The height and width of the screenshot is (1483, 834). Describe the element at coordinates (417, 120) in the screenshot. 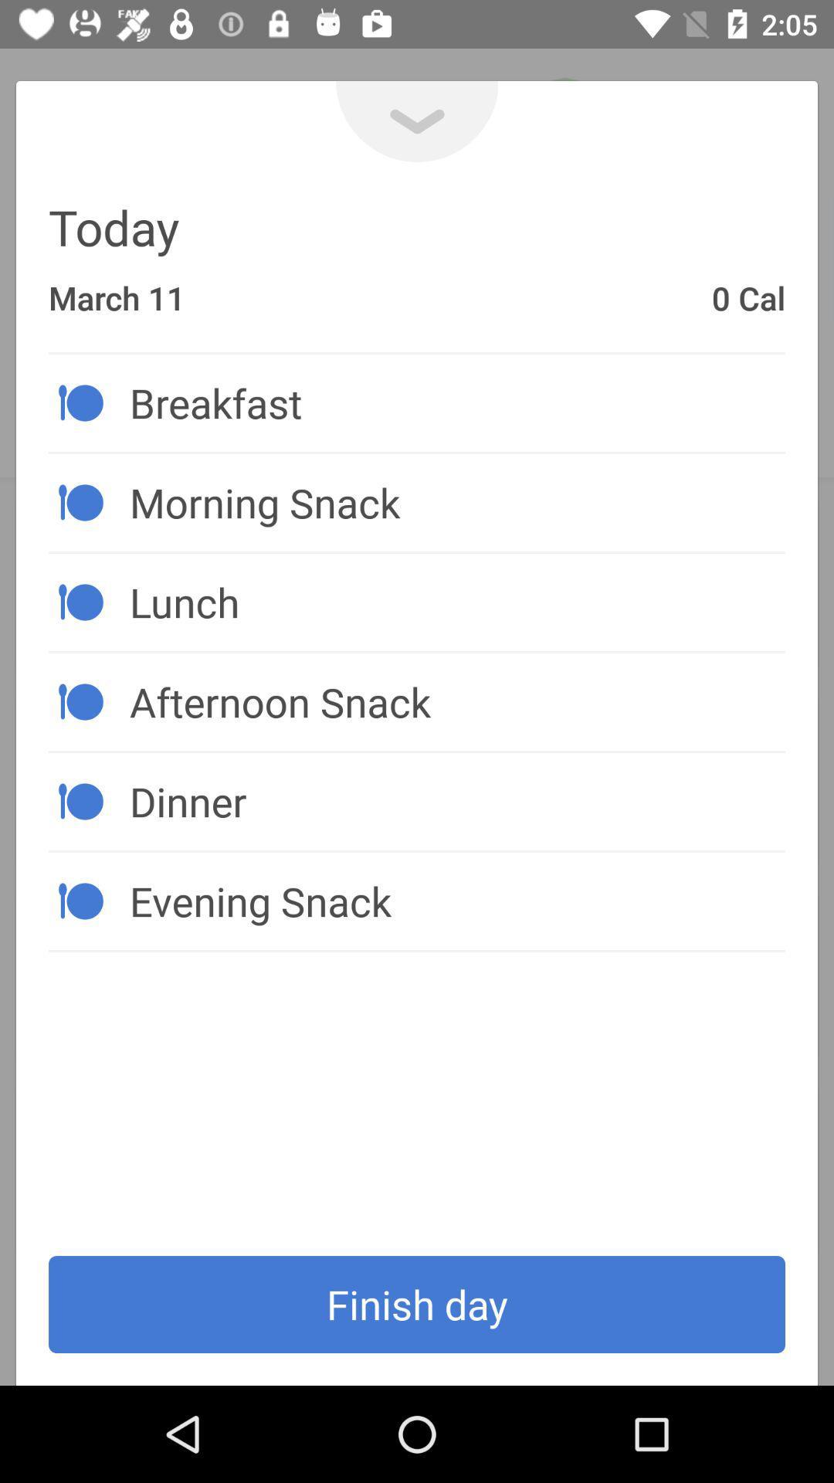

I see `the icon above the 0 cal item` at that location.